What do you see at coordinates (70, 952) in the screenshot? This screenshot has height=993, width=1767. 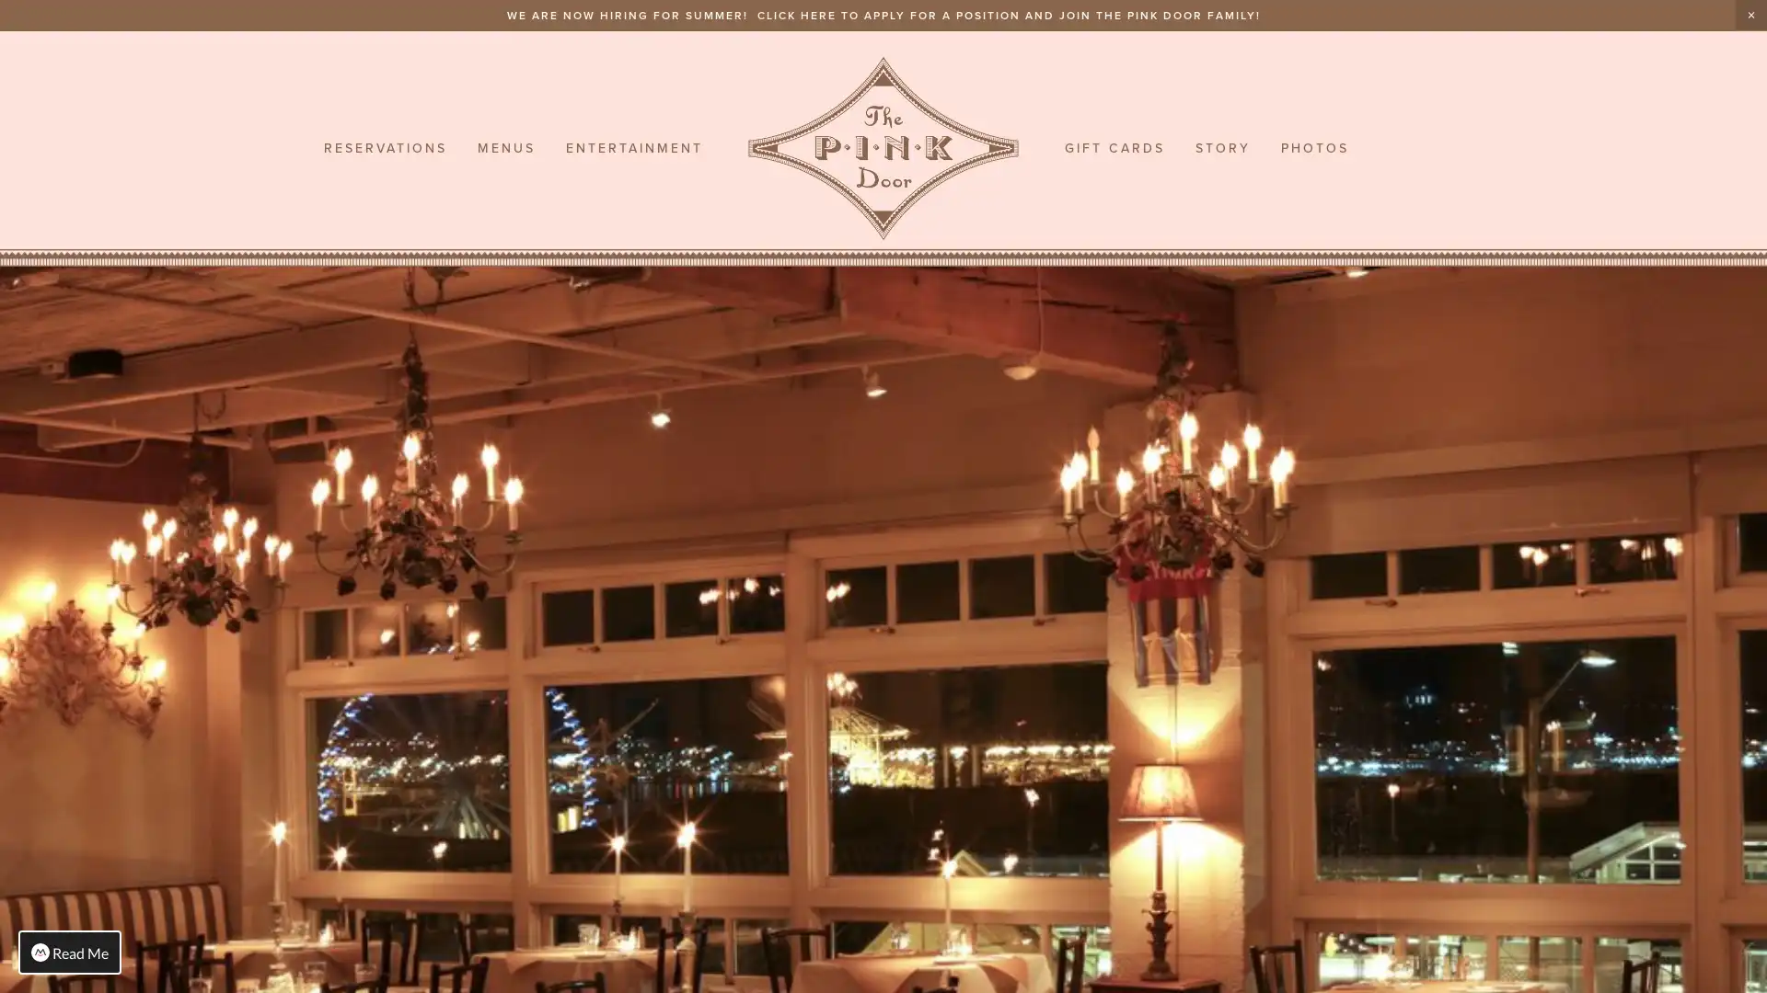 I see `Read Me` at bounding box center [70, 952].